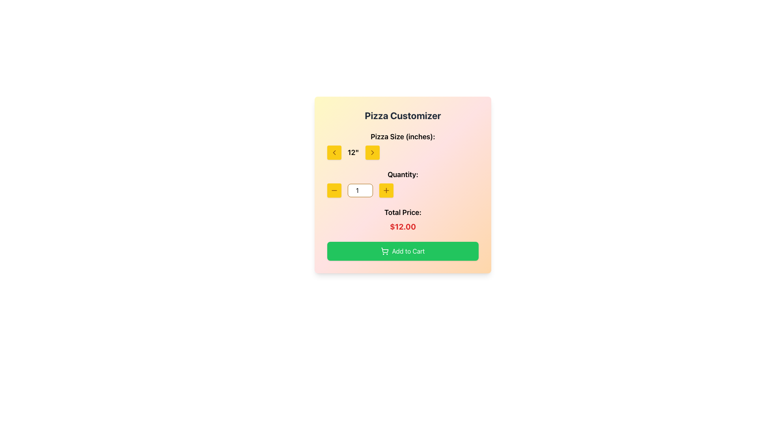 This screenshot has height=426, width=757. I want to click on the small horizontal line icon representing a minus symbol, located on the center-left side of the interface, so click(334, 190).